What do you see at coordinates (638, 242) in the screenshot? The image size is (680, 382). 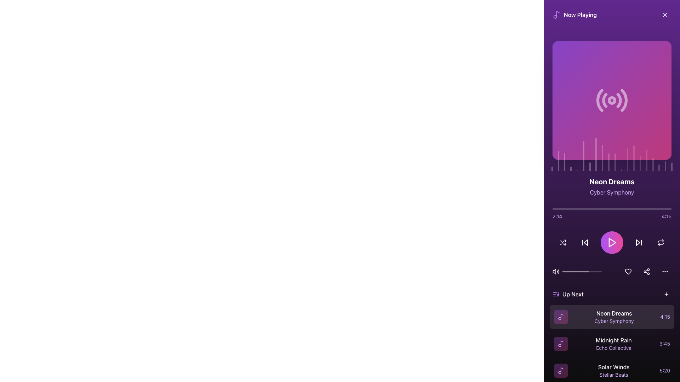 I see `the triangular arrow representation within the 'Skip Forward' button, which is located to the right of the 'Play' button, to initiate the action of skipping forward to the next track` at bounding box center [638, 242].